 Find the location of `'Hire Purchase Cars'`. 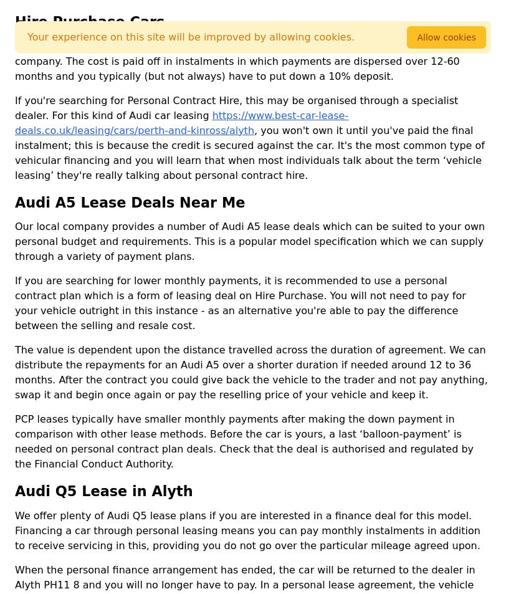

'Hire Purchase Cars' is located at coordinates (89, 21).